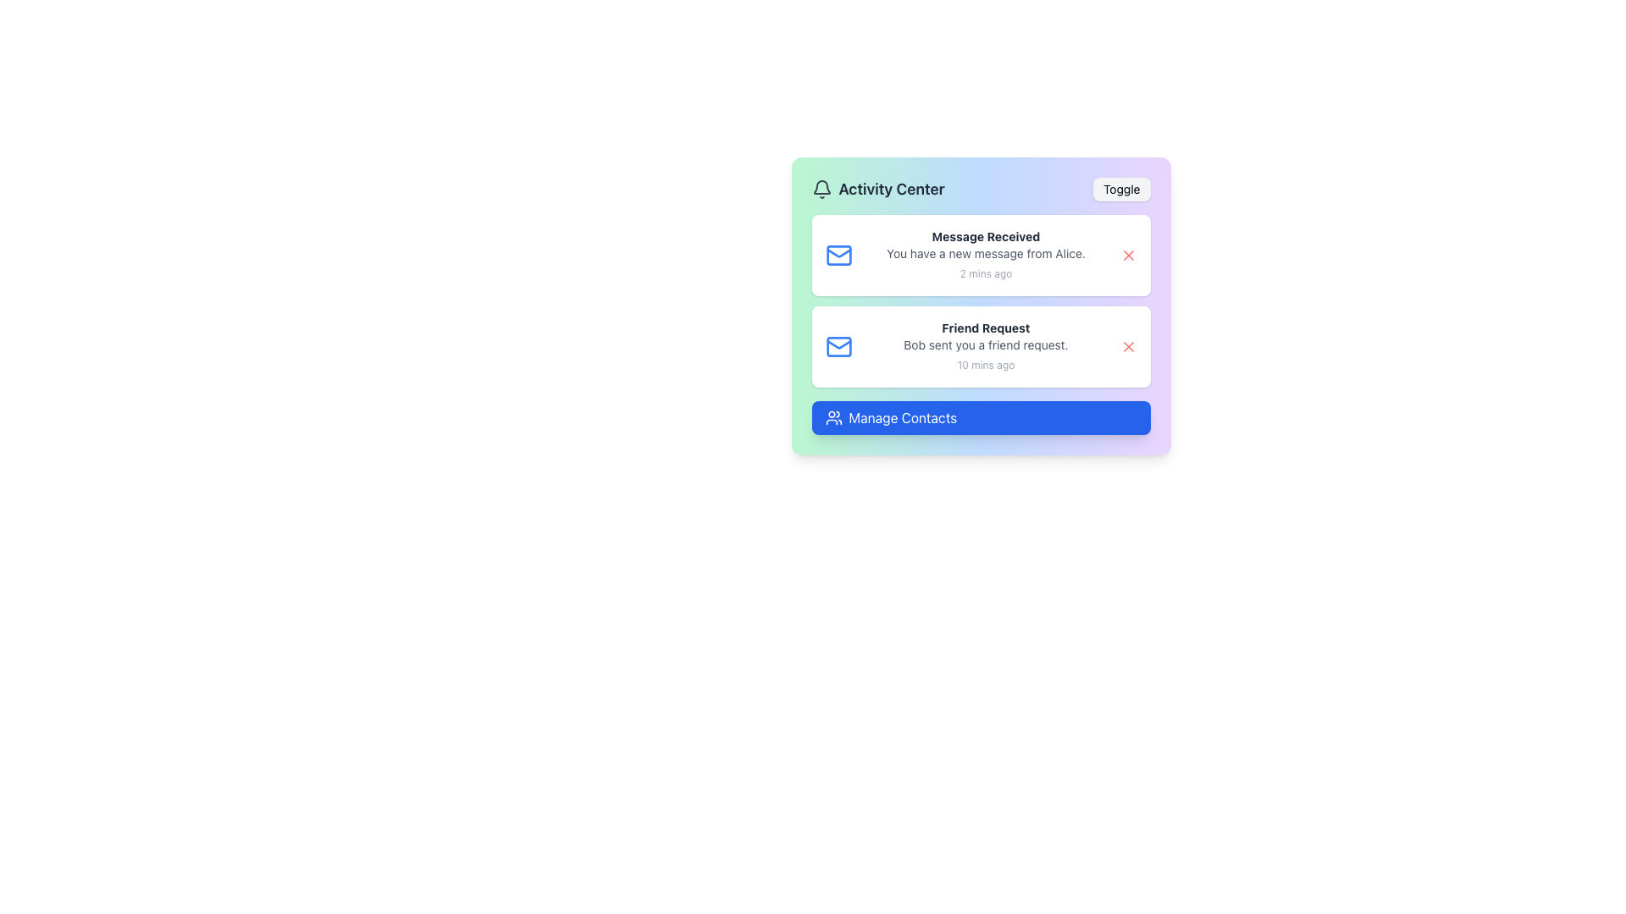  What do you see at coordinates (833, 417) in the screenshot?
I see `group of people icon located inside the blue 'Manage Contacts' button at the bottom of the activity panel` at bounding box center [833, 417].